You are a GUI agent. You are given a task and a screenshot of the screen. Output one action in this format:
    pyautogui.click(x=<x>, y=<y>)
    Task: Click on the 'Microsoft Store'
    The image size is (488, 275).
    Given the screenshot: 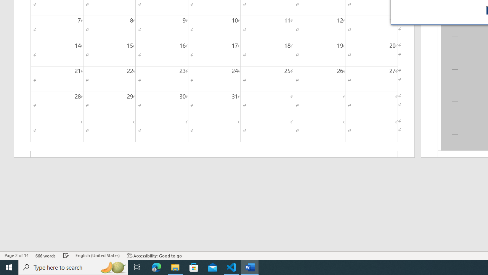 What is the action you would take?
    pyautogui.click(x=194, y=267)
    